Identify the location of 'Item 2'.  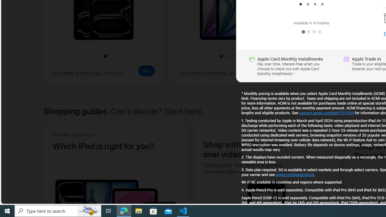
(308, 4).